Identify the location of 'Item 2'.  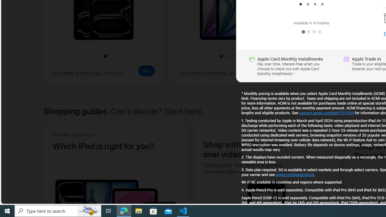
(308, 4).